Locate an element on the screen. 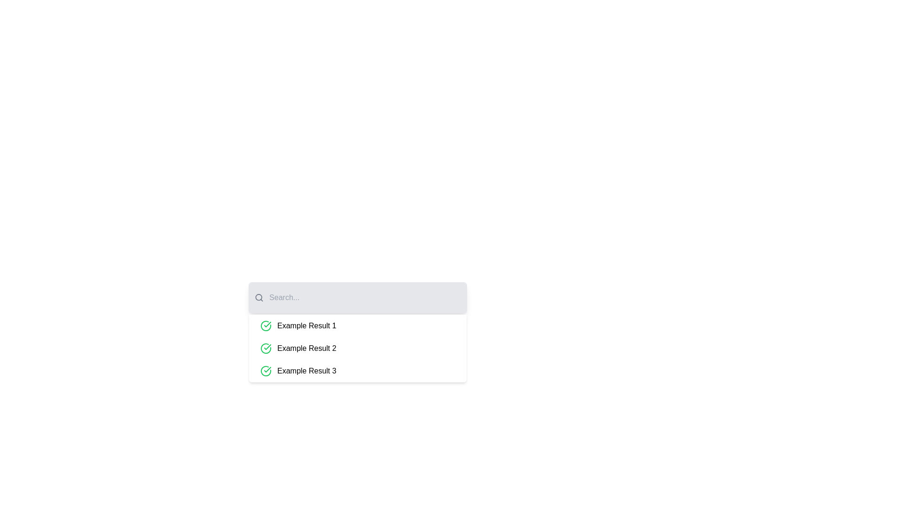  the confirmation checkmark icon located to the left of the text 'Example Result 2' in the second search result item is located at coordinates (266, 348).